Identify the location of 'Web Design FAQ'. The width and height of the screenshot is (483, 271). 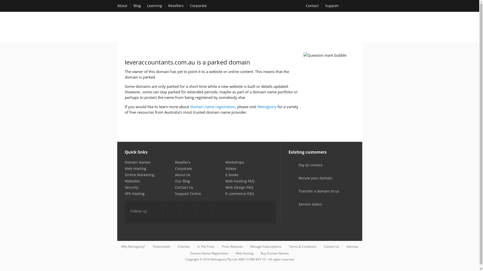
(239, 187).